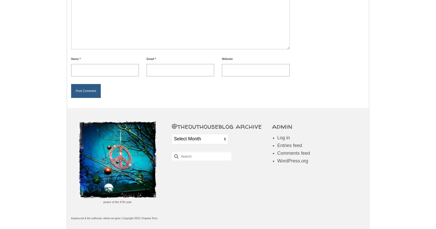 The height and width of the screenshot is (229, 436). I want to click on 'Comments feed', so click(293, 153).